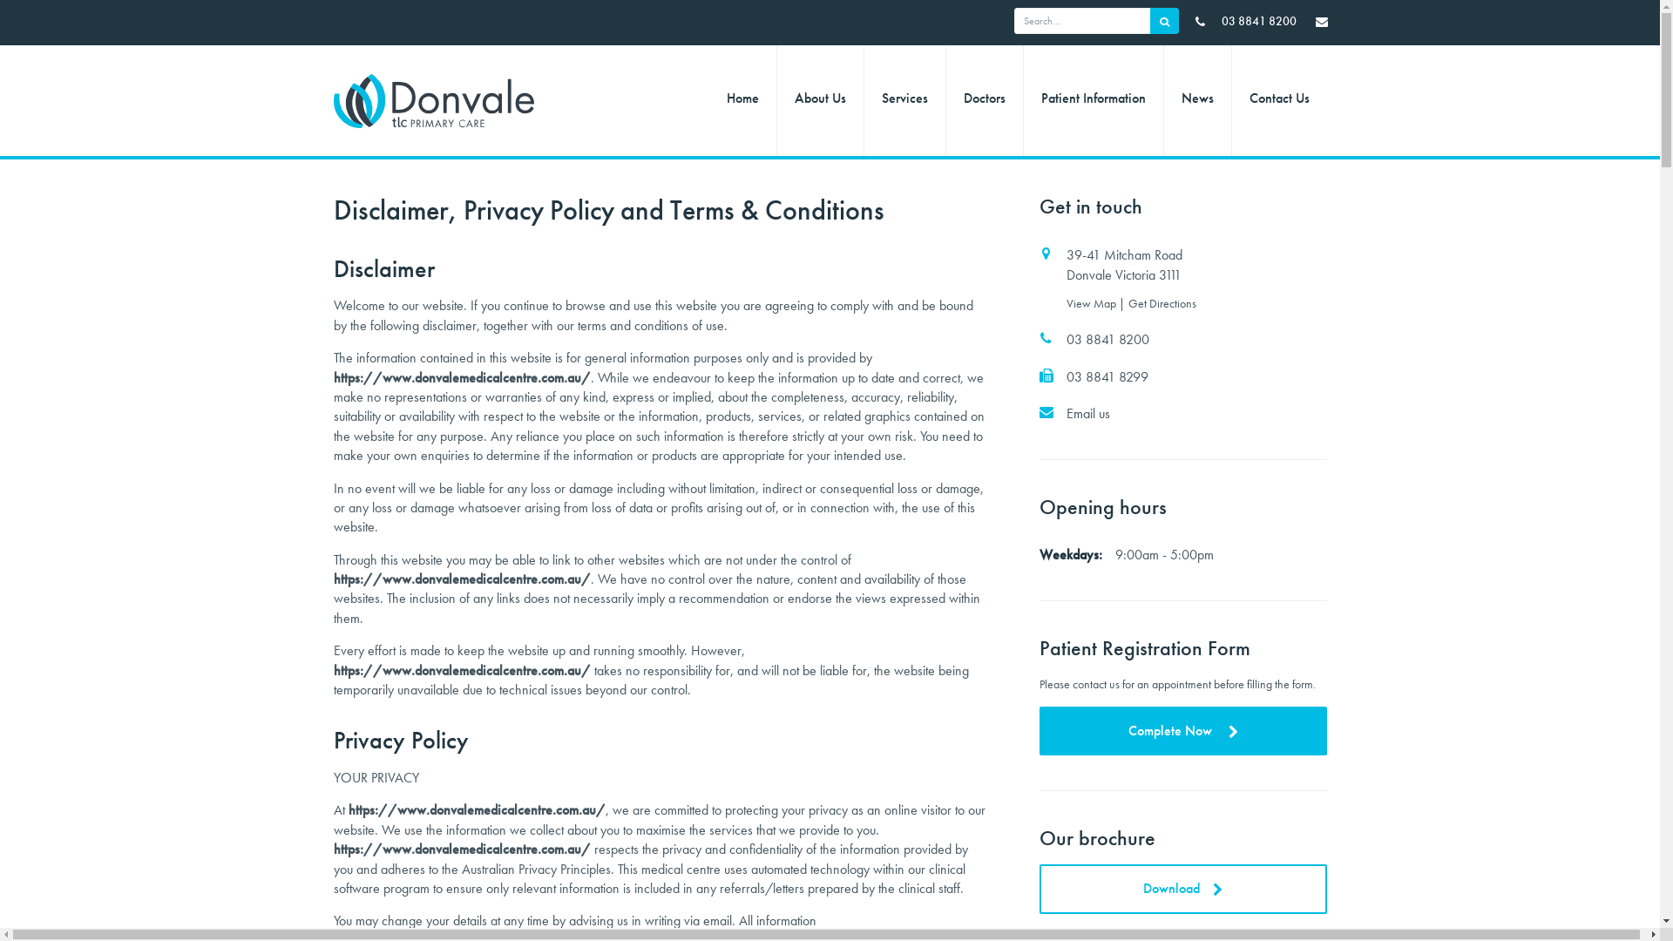 Image resolution: width=1673 pixels, height=941 pixels. I want to click on 'TLC Primary Care - Donvale | Logo', so click(442, 100).